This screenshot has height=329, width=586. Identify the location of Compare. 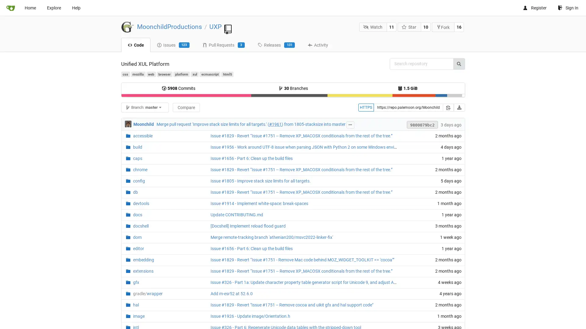
(186, 107).